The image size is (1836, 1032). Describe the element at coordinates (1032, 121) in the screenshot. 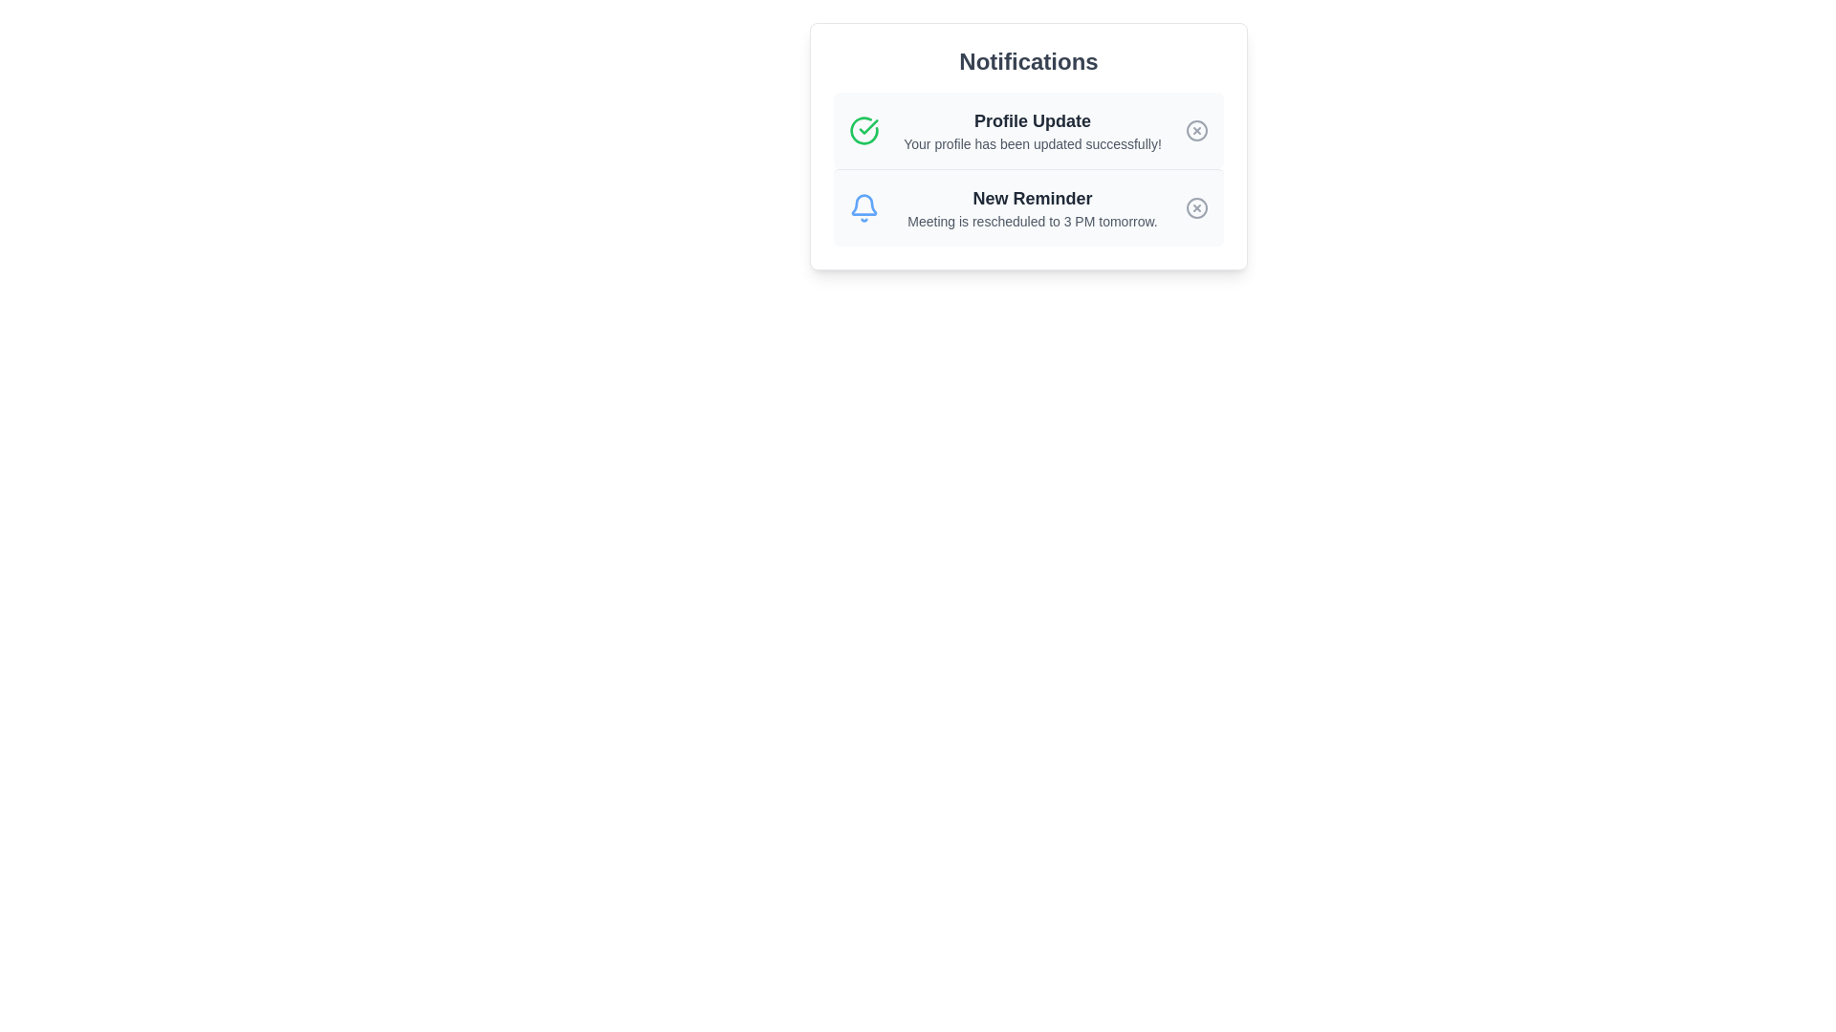

I see `the 'Profile Update' text heading which is bold, larger in font size, and dark gray, positioned at the top of the notification message group` at that location.